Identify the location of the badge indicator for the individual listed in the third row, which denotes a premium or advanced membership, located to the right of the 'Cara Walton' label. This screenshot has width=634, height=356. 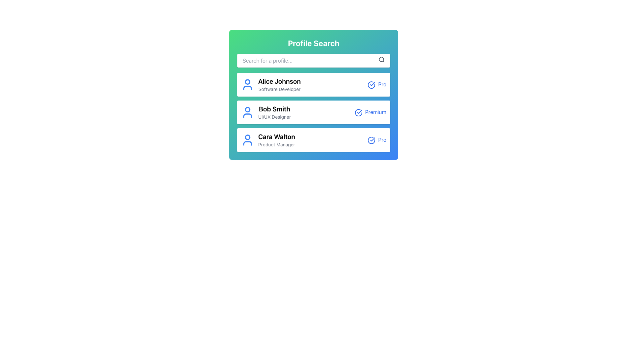
(377, 139).